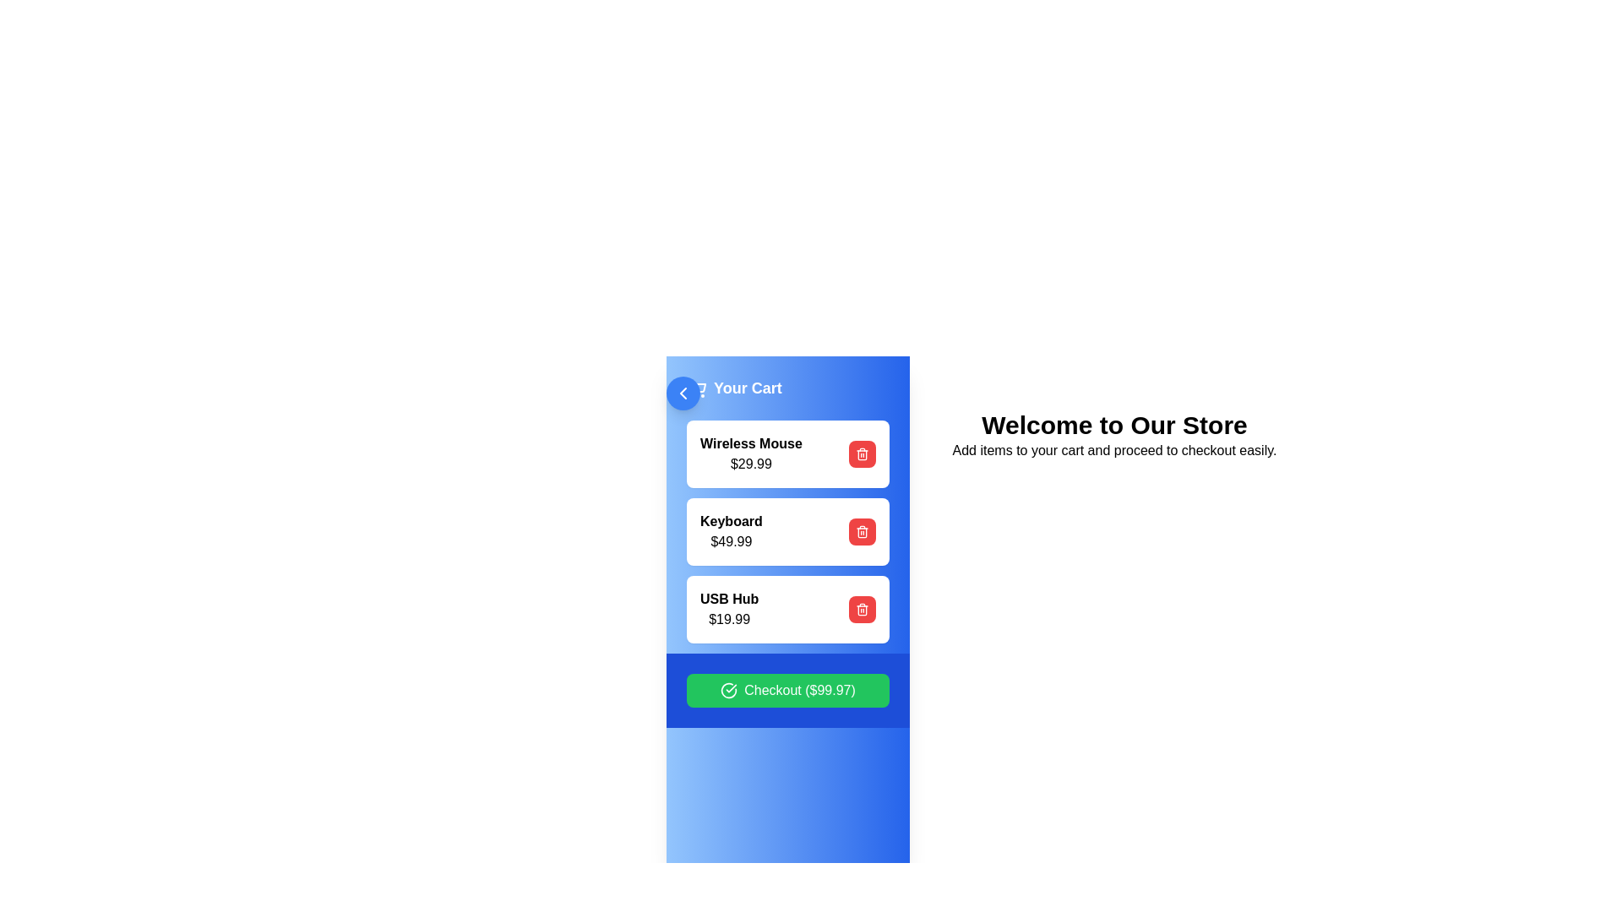  Describe the element at coordinates (729, 619) in the screenshot. I see `text displayed in the price label for the 'USB Hub', which is located below the 'USB Hub' text in the cart interface` at that location.